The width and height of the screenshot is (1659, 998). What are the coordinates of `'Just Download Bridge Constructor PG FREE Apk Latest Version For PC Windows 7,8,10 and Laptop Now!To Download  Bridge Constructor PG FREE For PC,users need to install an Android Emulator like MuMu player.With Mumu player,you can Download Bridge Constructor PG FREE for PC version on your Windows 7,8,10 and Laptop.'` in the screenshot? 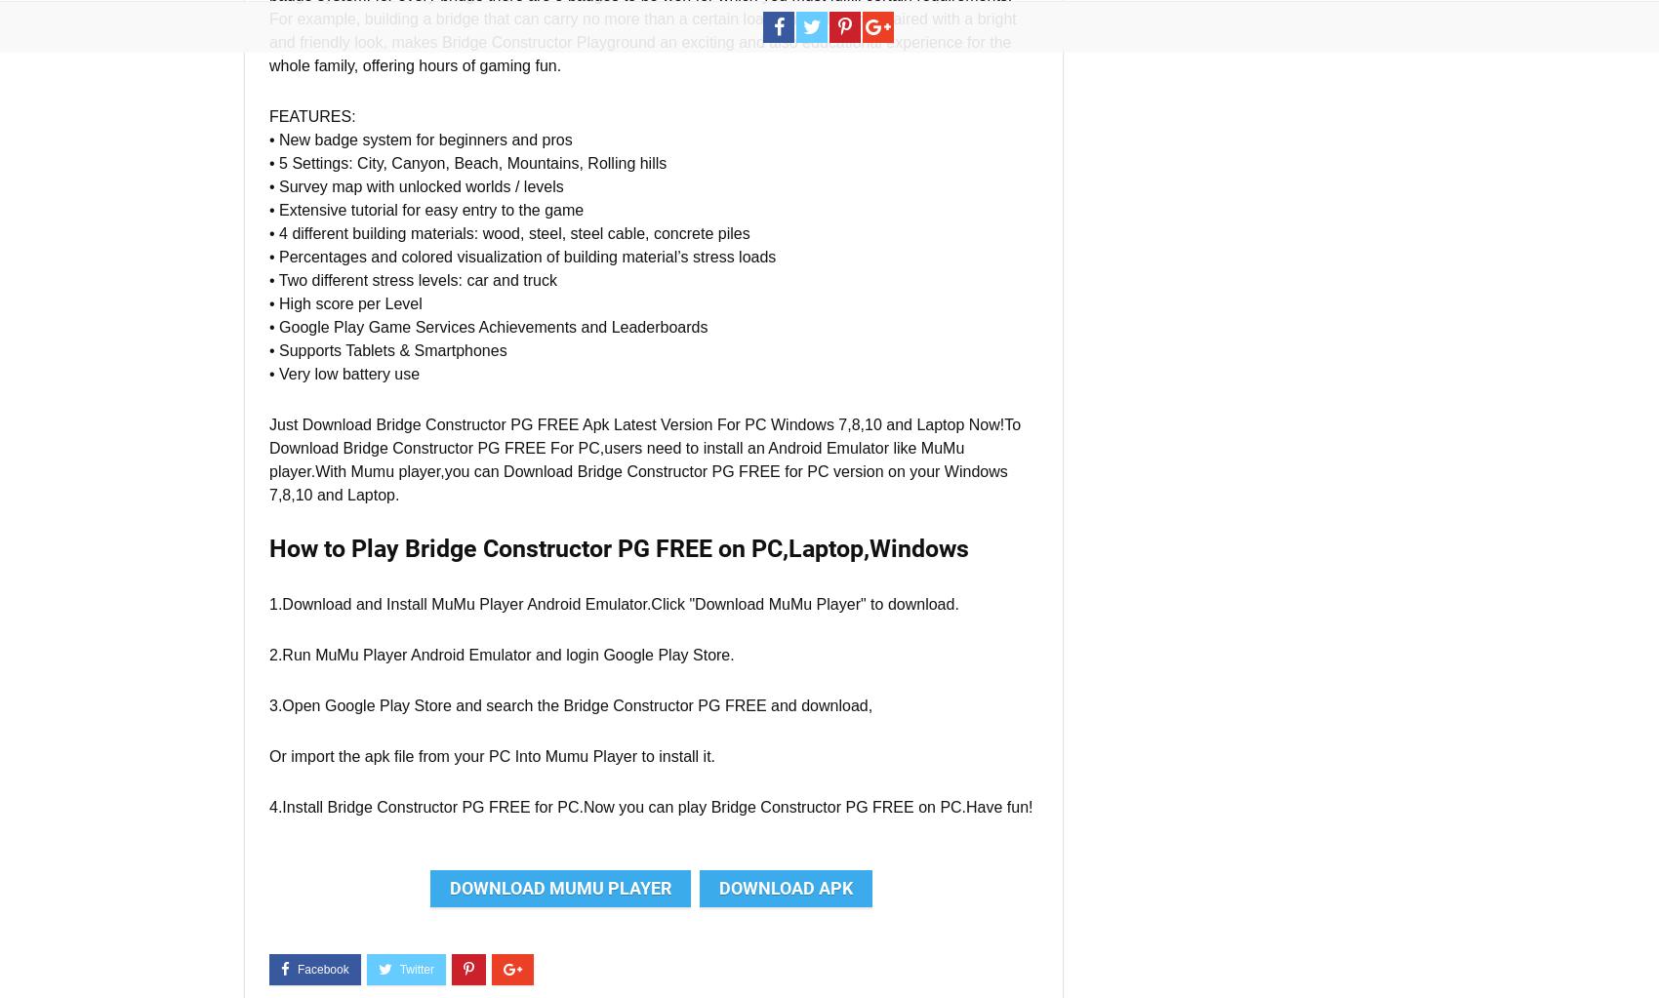 It's located at (269, 459).